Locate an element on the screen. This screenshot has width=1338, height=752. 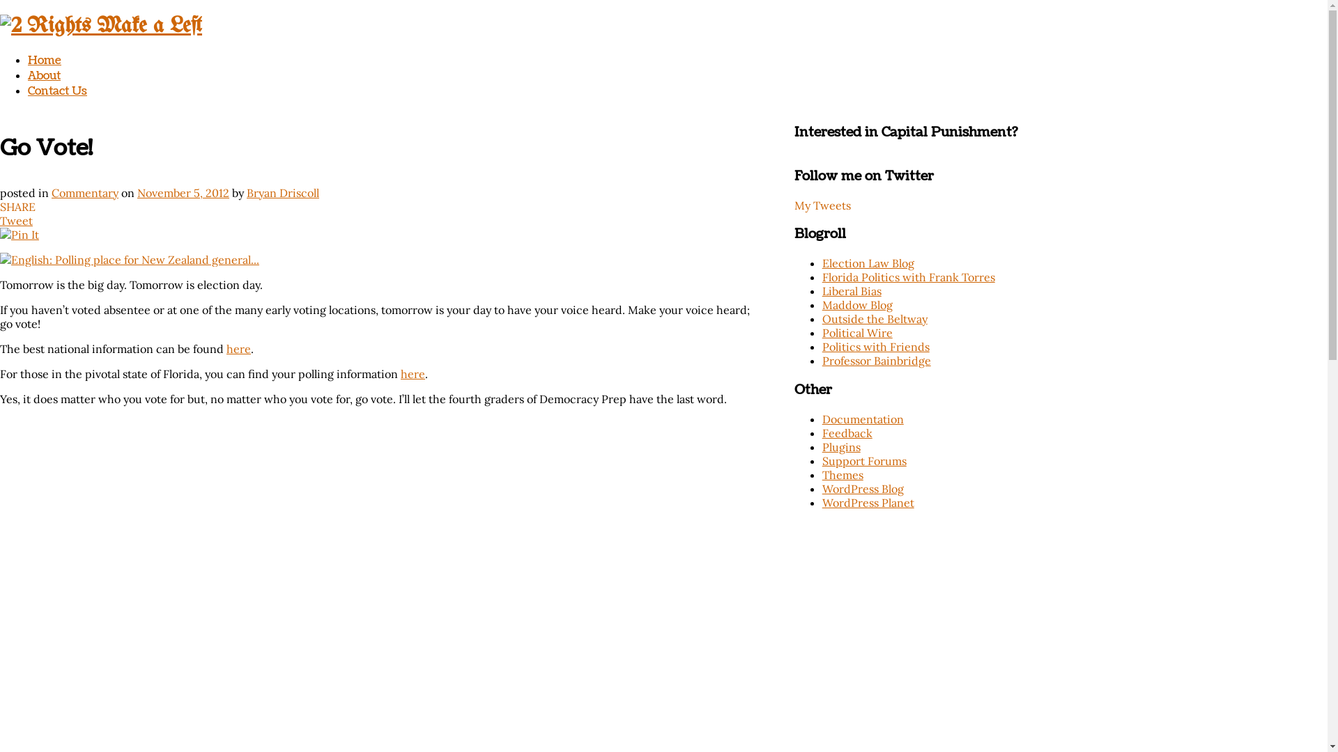
'SHARE' is located at coordinates (17, 207).